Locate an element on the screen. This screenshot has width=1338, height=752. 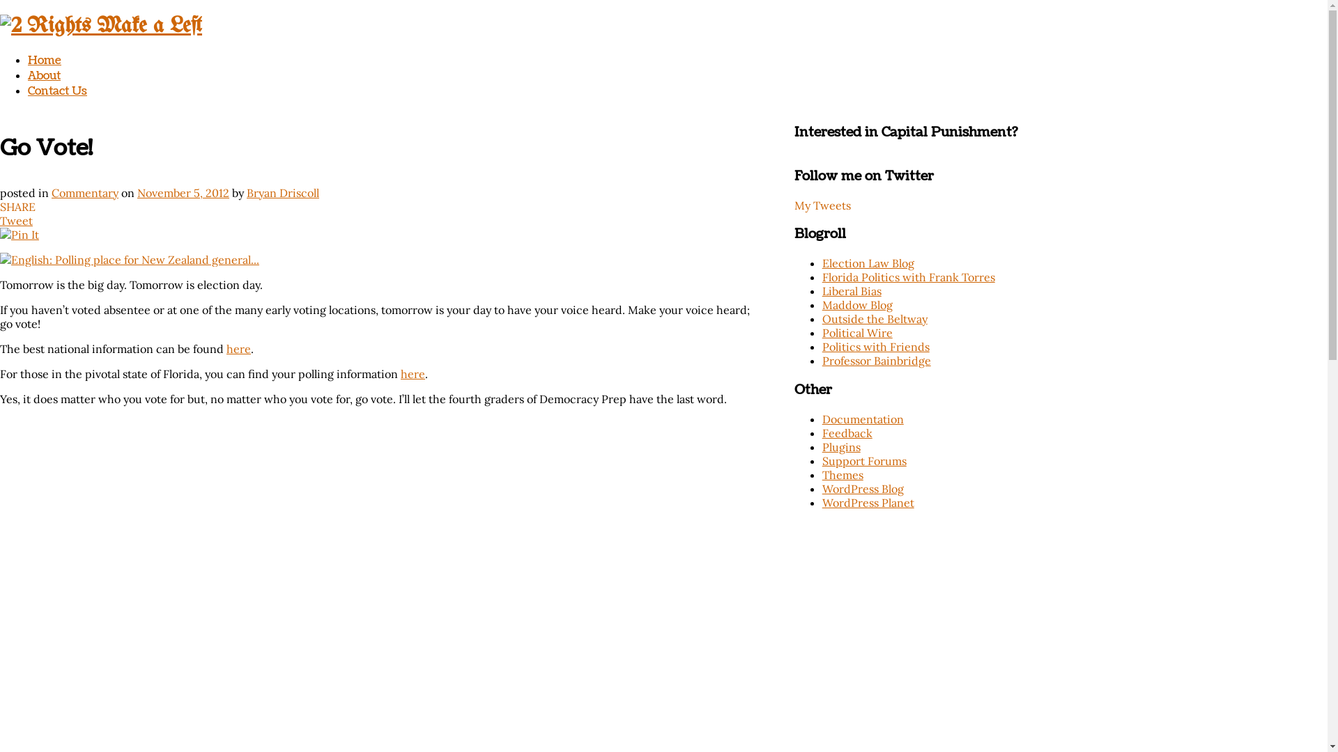
'SHARE' is located at coordinates (17, 207).